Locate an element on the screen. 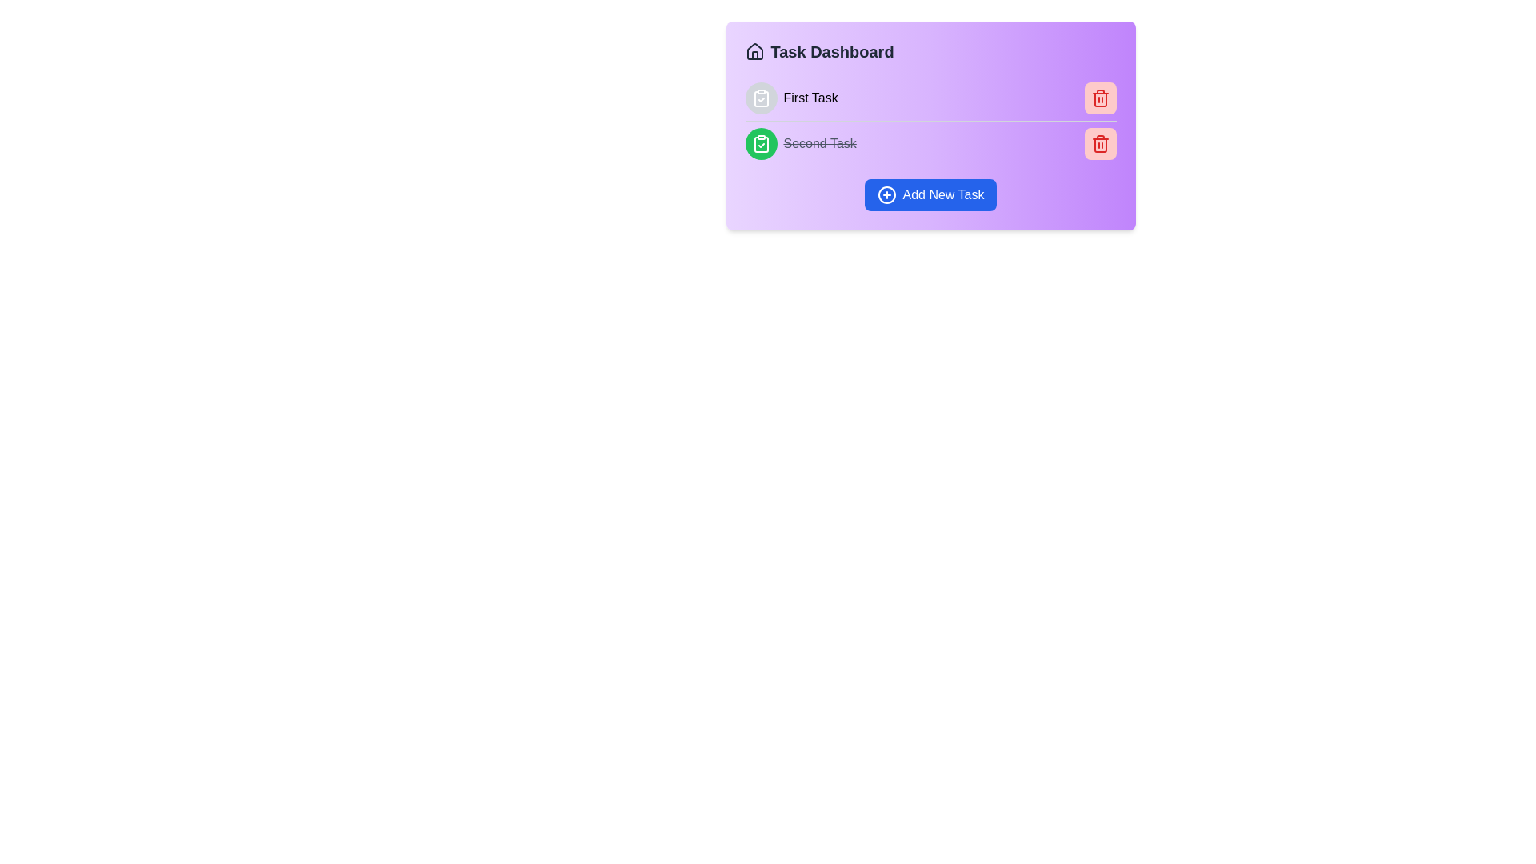 Image resolution: width=1536 pixels, height=864 pixels. the delete button for 'First Task', located at the right end of its task row, to observe the hover effects is located at coordinates (1099, 98).